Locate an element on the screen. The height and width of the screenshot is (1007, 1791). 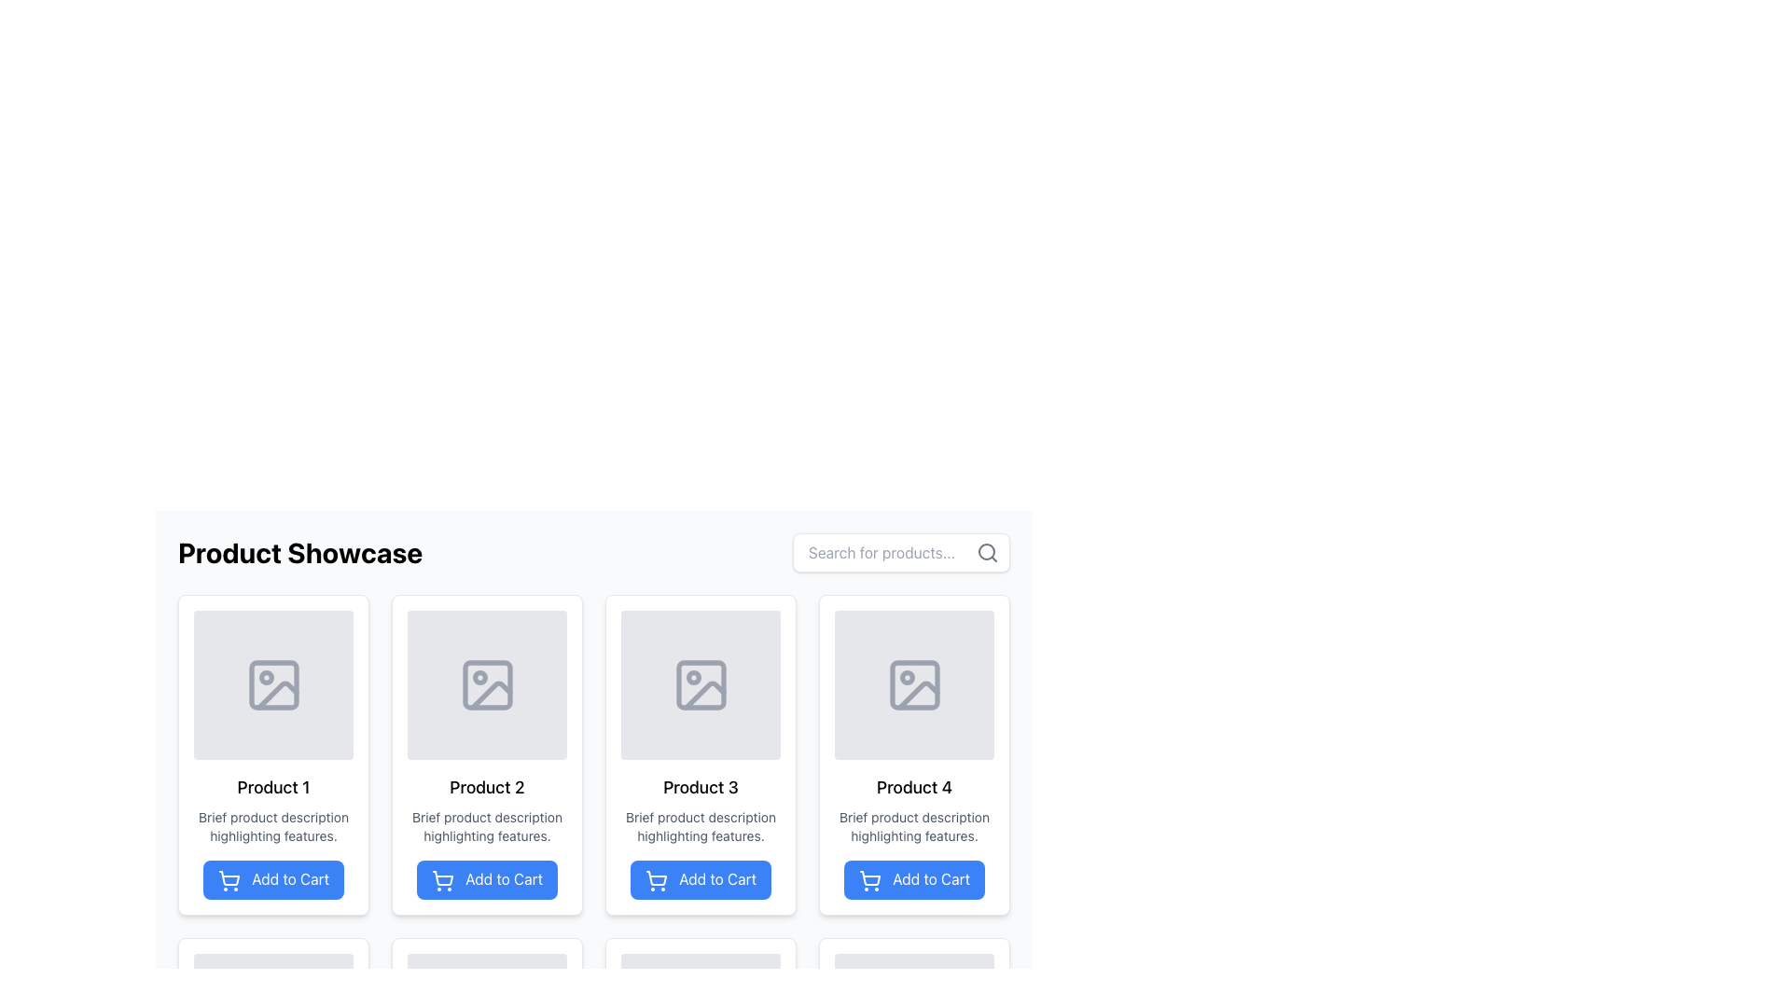
the graphical detail within the image icon located in the third product card in the upper row of the product showcase grid is located at coordinates (703, 696).